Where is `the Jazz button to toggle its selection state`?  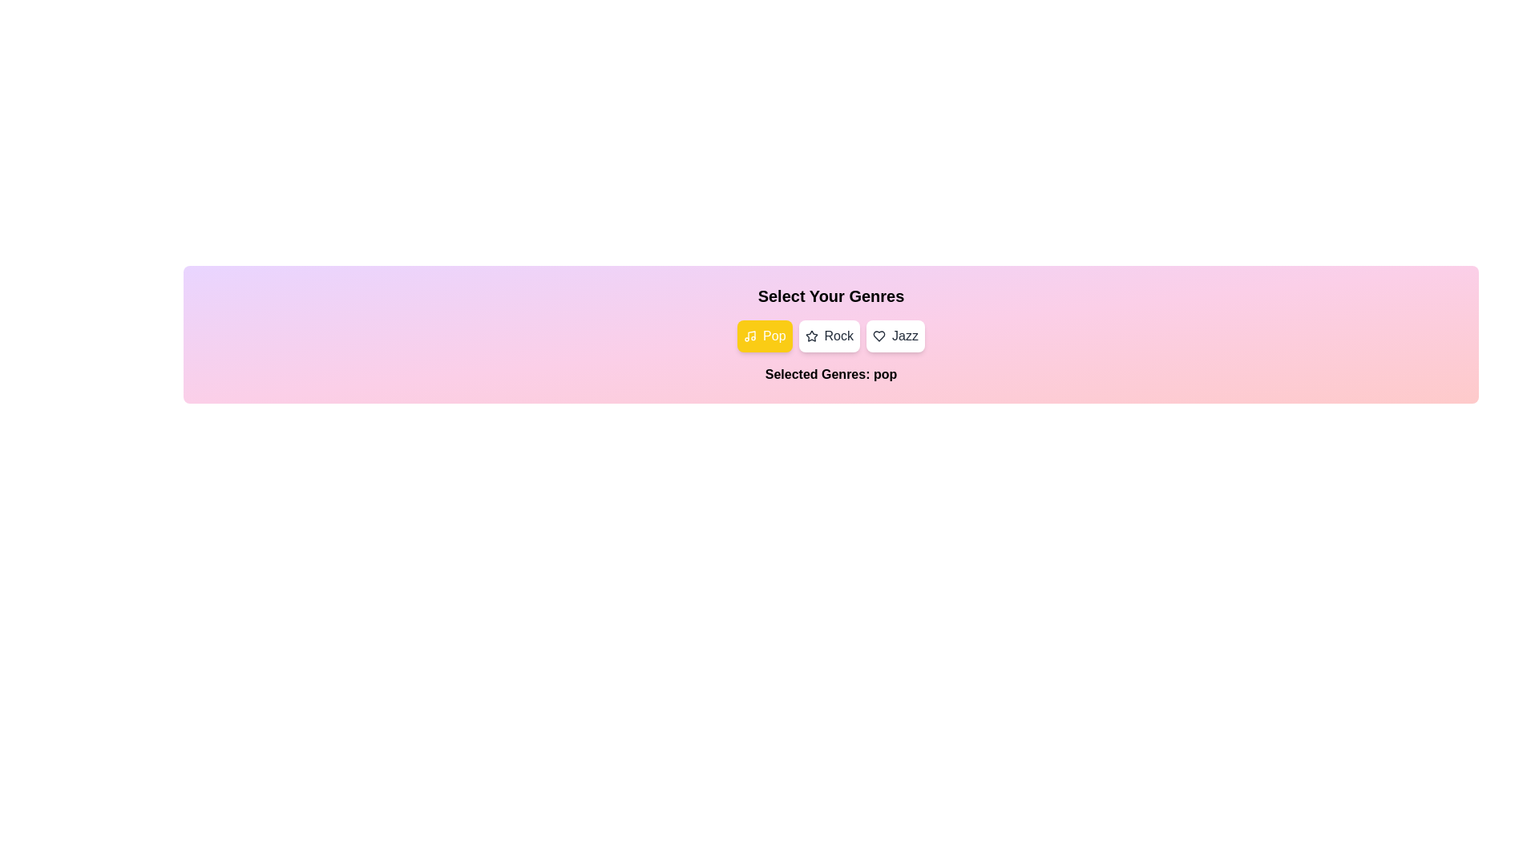 the Jazz button to toggle its selection state is located at coordinates (895, 336).